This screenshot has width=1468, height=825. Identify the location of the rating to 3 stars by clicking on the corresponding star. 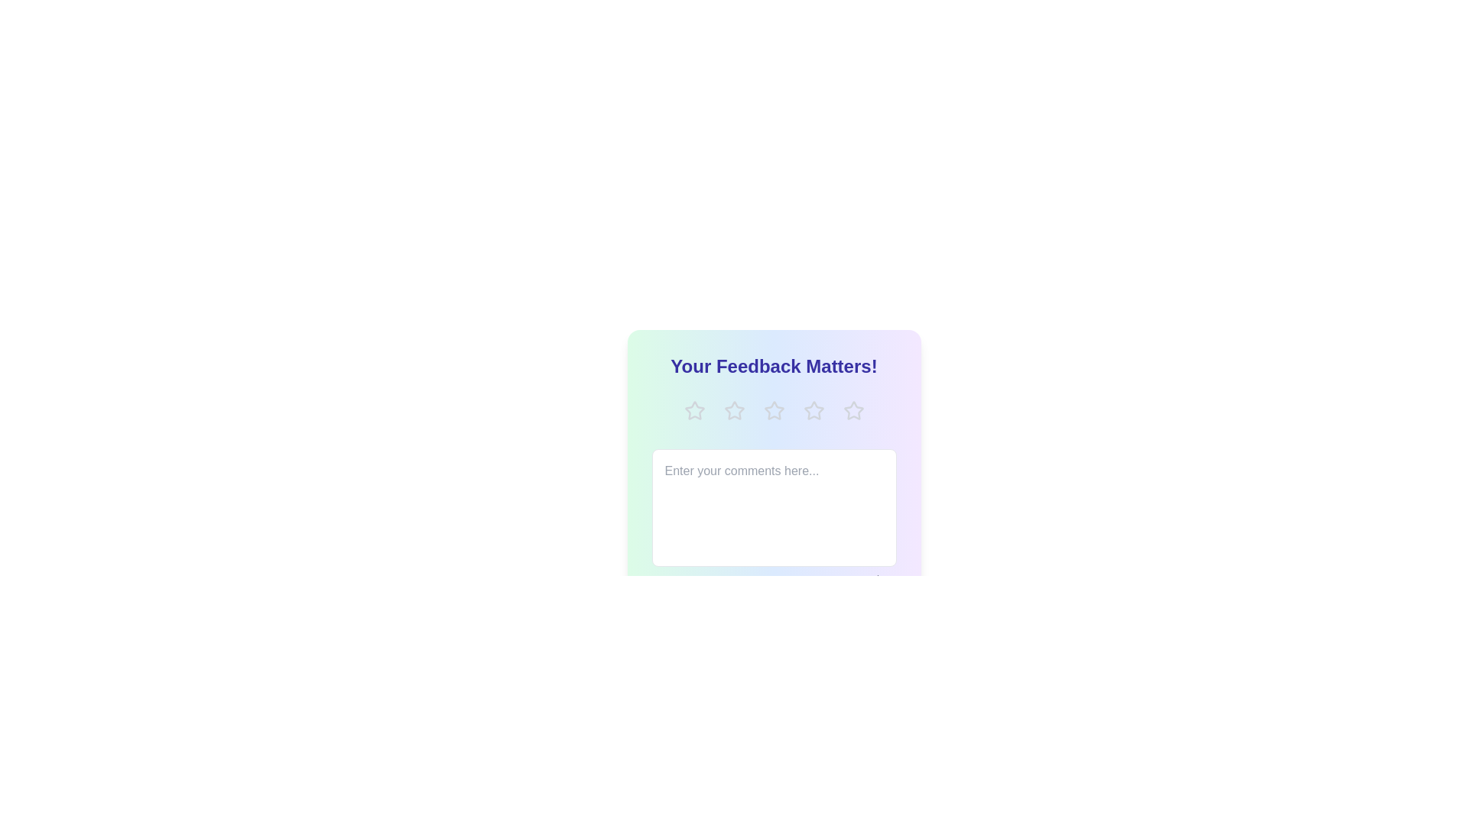
(774, 409).